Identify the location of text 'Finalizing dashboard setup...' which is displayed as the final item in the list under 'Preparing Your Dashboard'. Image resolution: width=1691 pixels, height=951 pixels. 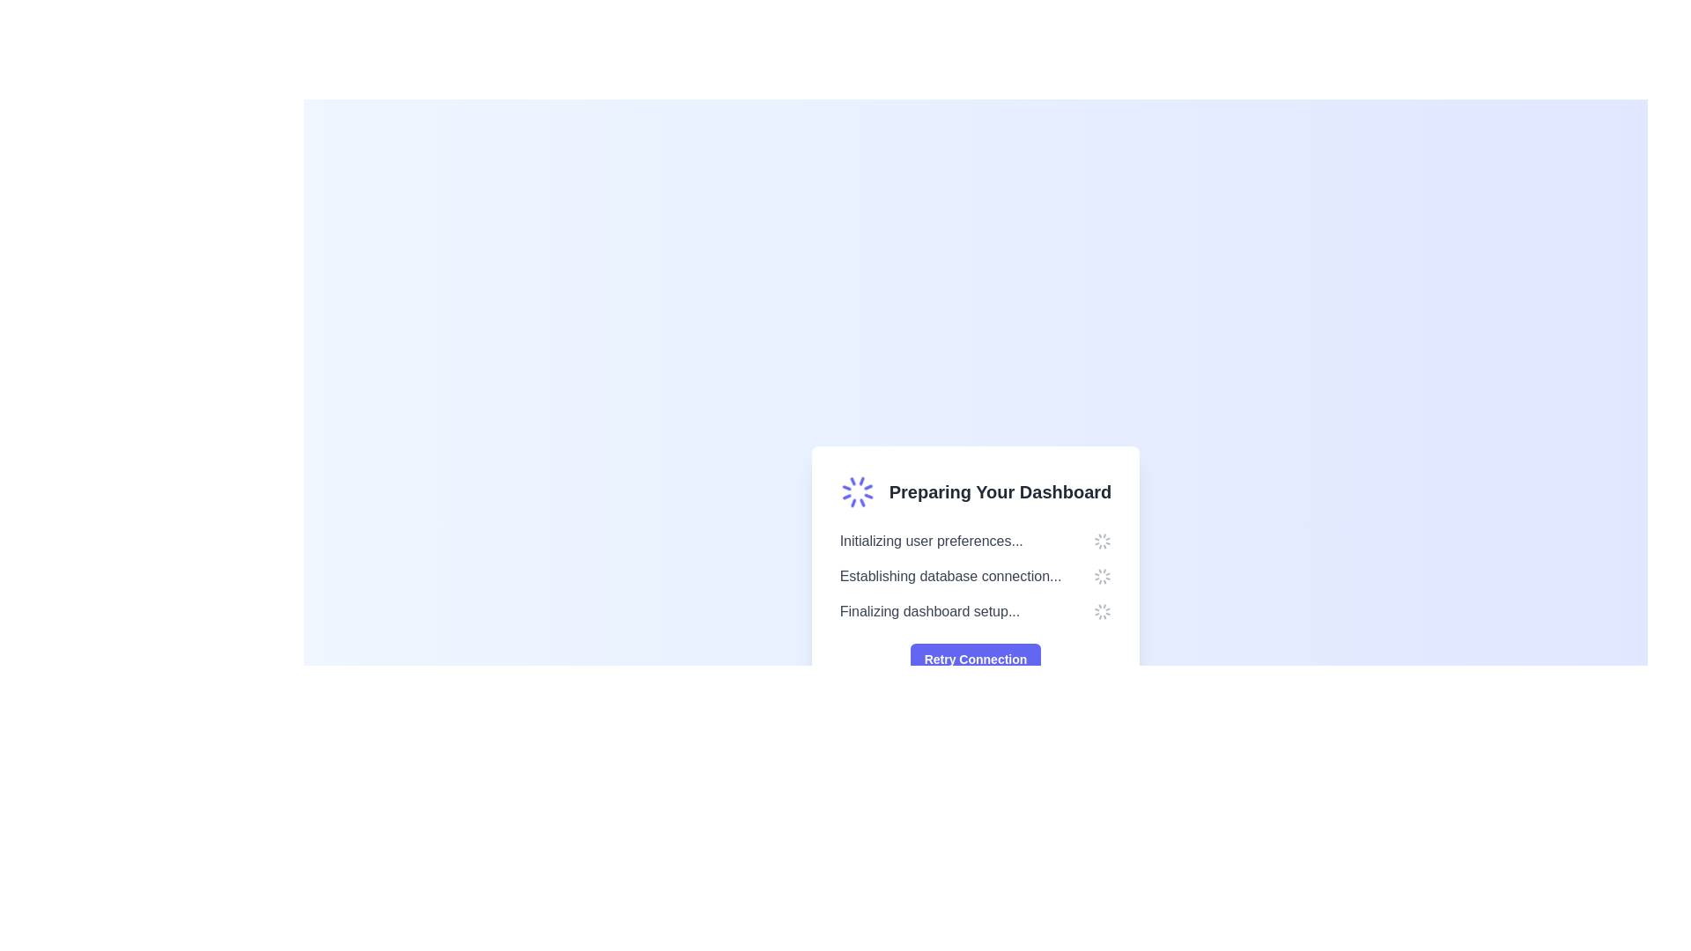
(975, 610).